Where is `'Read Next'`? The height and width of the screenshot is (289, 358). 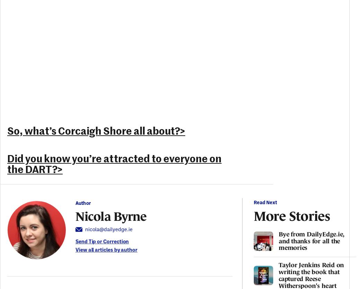 'Read Next' is located at coordinates (265, 202).